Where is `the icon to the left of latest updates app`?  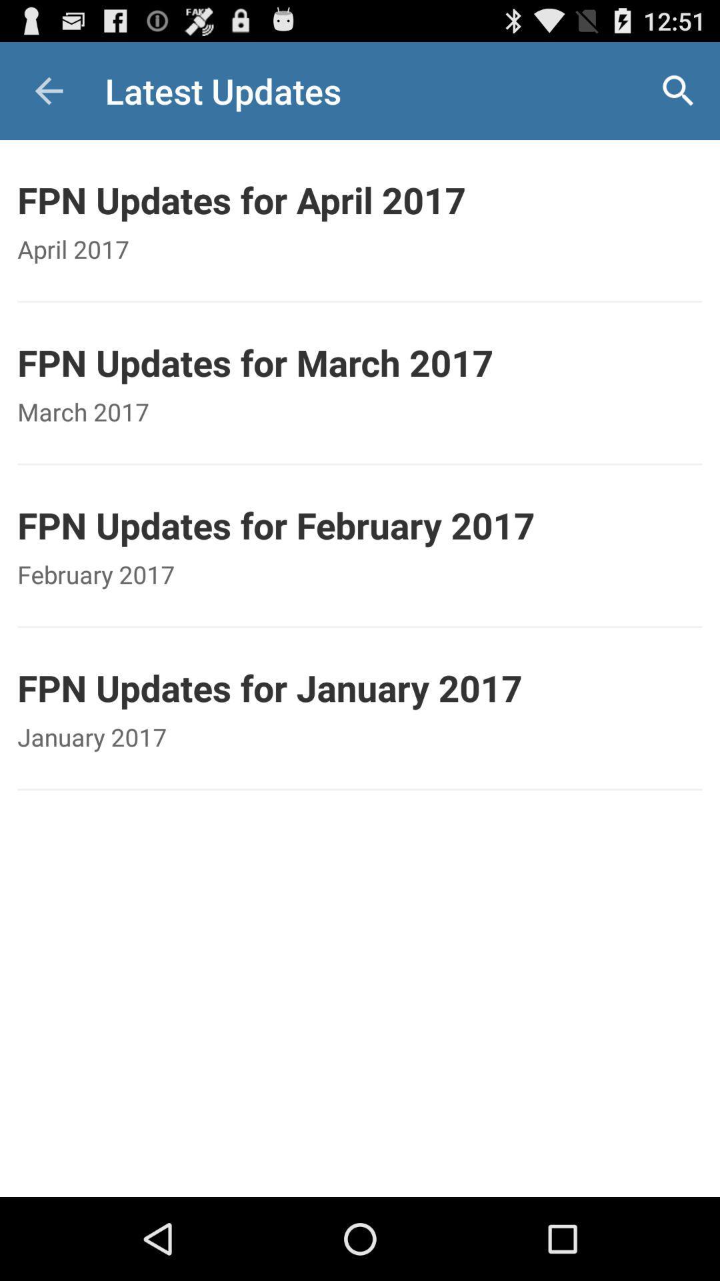
the icon to the left of latest updates app is located at coordinates (48, 90).